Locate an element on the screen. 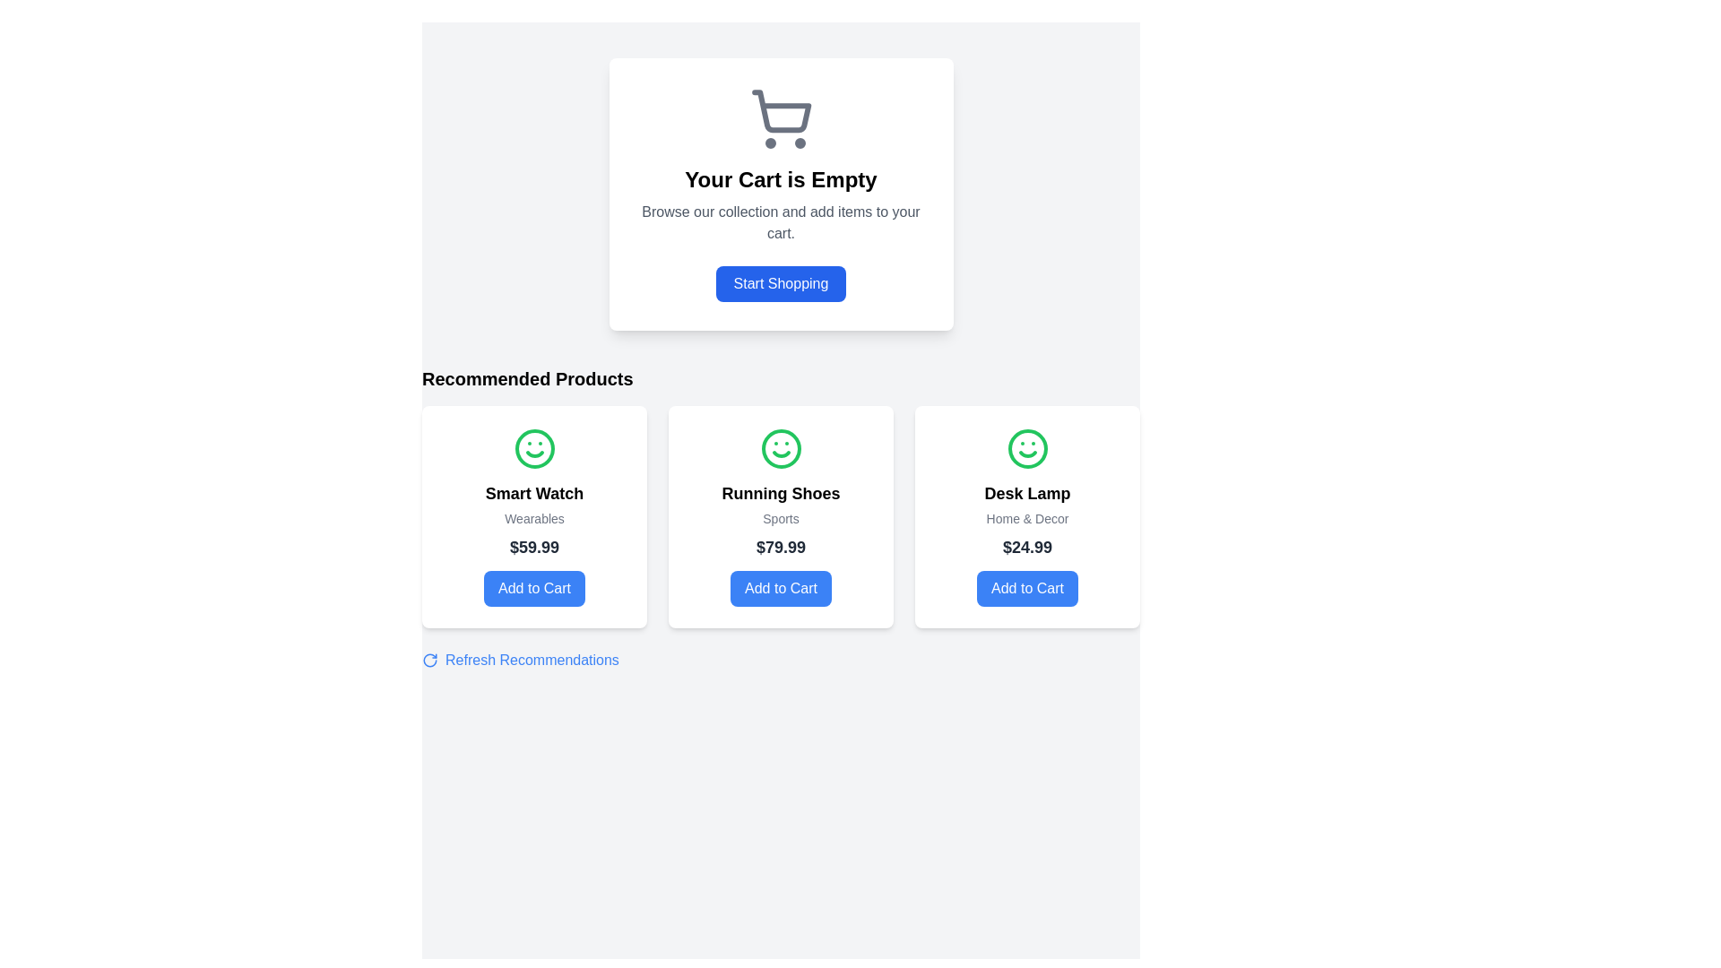 The width and height of the screenshot is (1721, 968). the vector graphic icon indicating a refresh action located below the 'Recommended Products' heading, positioned to the left of the 'Refresh Recommendations' text link is located at coordinates (430, 660).